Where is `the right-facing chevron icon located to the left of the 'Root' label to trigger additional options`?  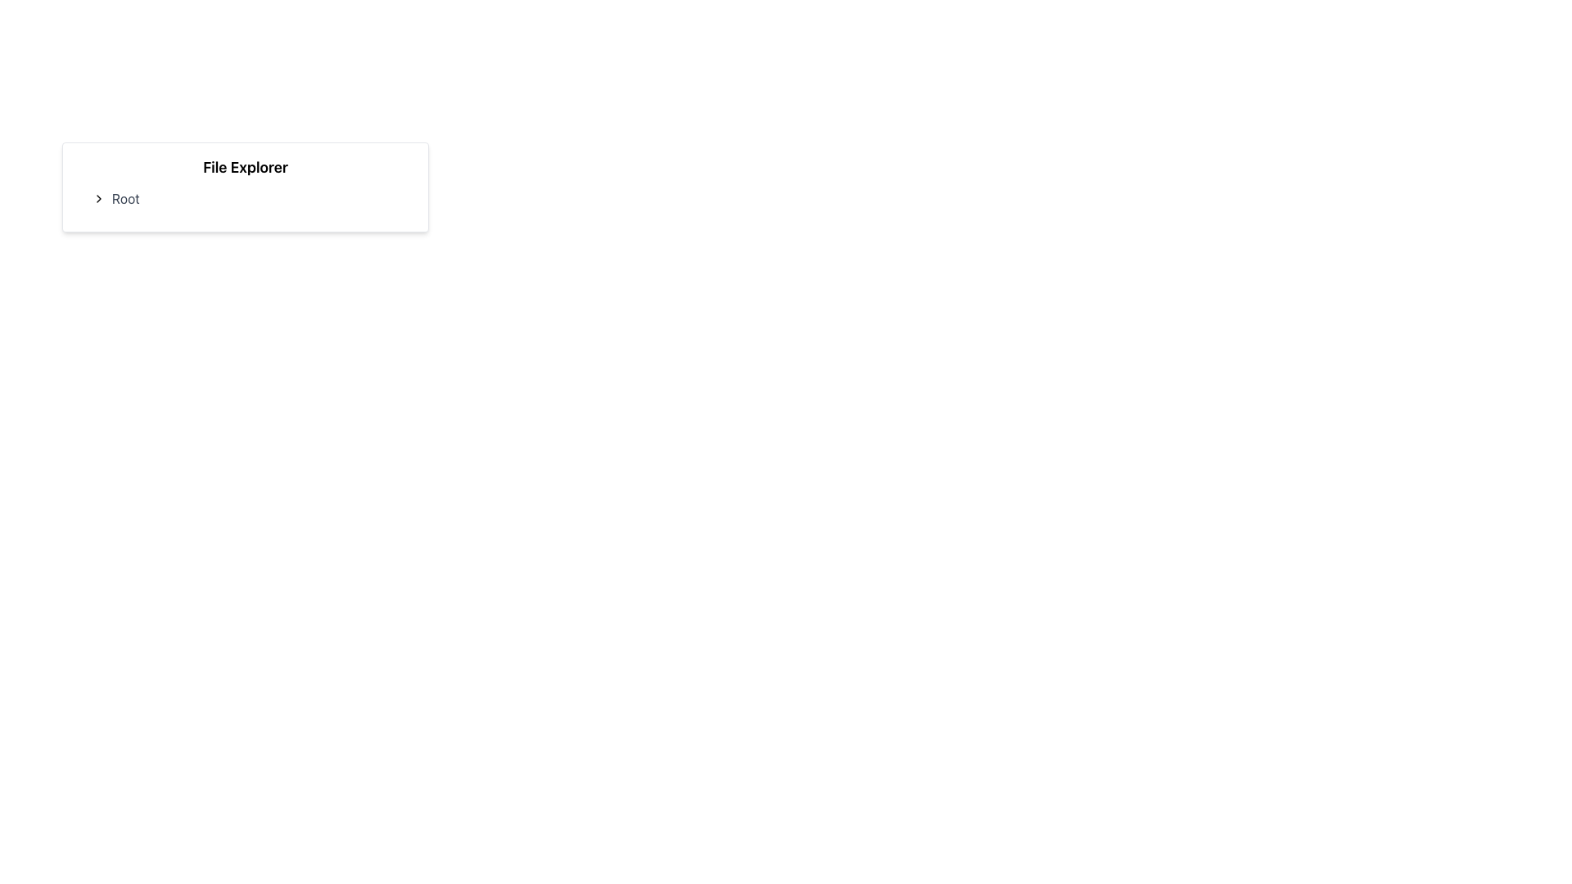 the right-facing chevron icon located to the left of the 'Root' label to trigger additional options is located at coordinates (97, 198).